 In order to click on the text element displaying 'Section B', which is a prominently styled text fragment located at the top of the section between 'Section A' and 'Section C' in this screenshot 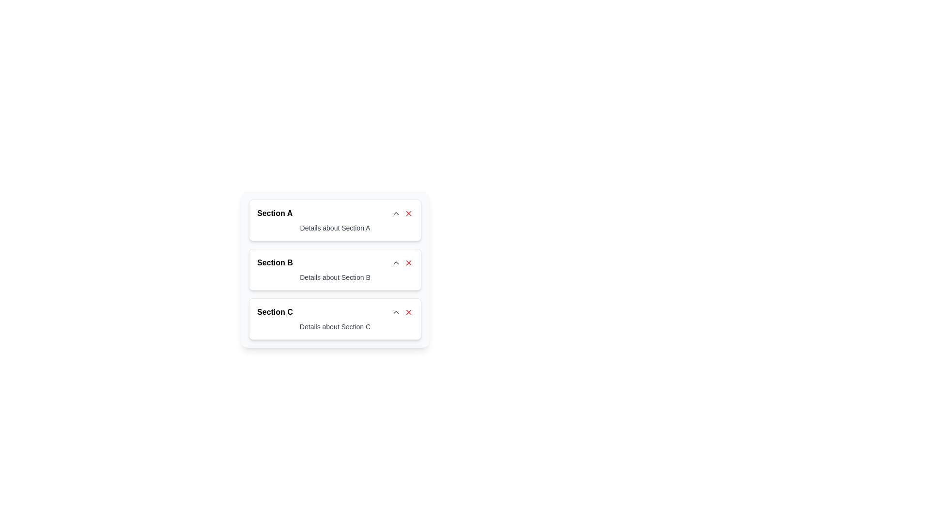, I will do `click(274, 263)`.